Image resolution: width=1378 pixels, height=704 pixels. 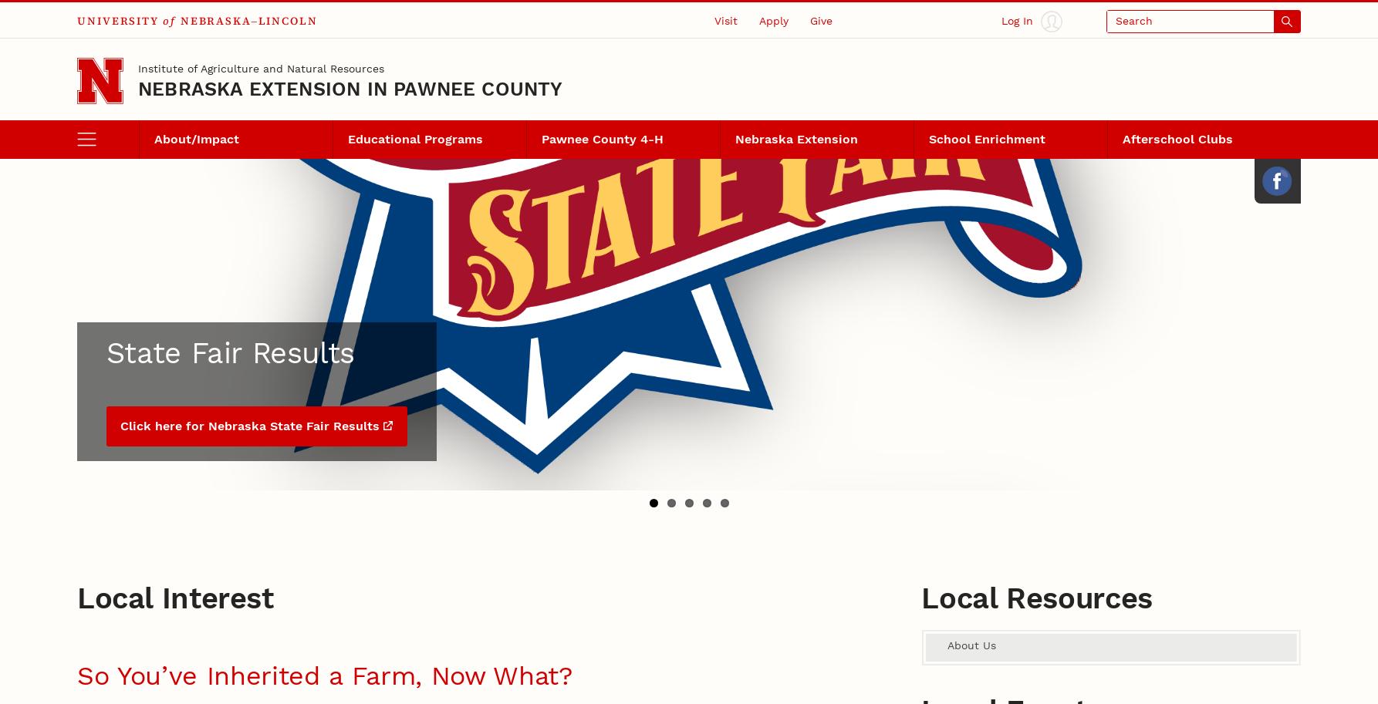 I want to click on 'Close', so click(x=1346, y=15).